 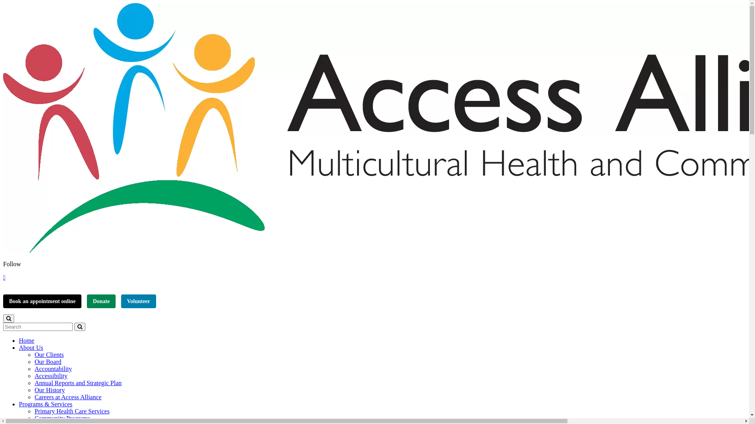 What do you see at coordinates (4, 277) in the screenshot?
I see `'Follow us on Facebook'` at bounding box center [4, 277].